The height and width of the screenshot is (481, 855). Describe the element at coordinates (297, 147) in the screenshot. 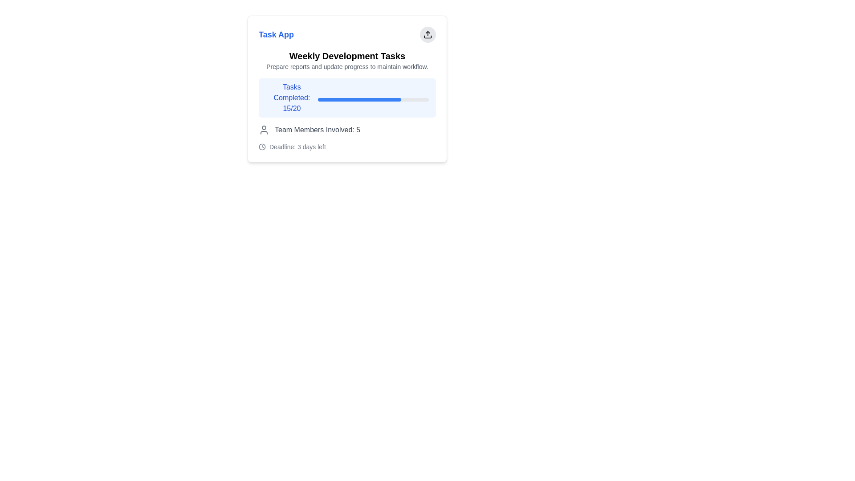

I see `the text label displaying 'Deadline: 3 days left', which is styled in gray and located below the 'Tasks Completed' section` at that location.